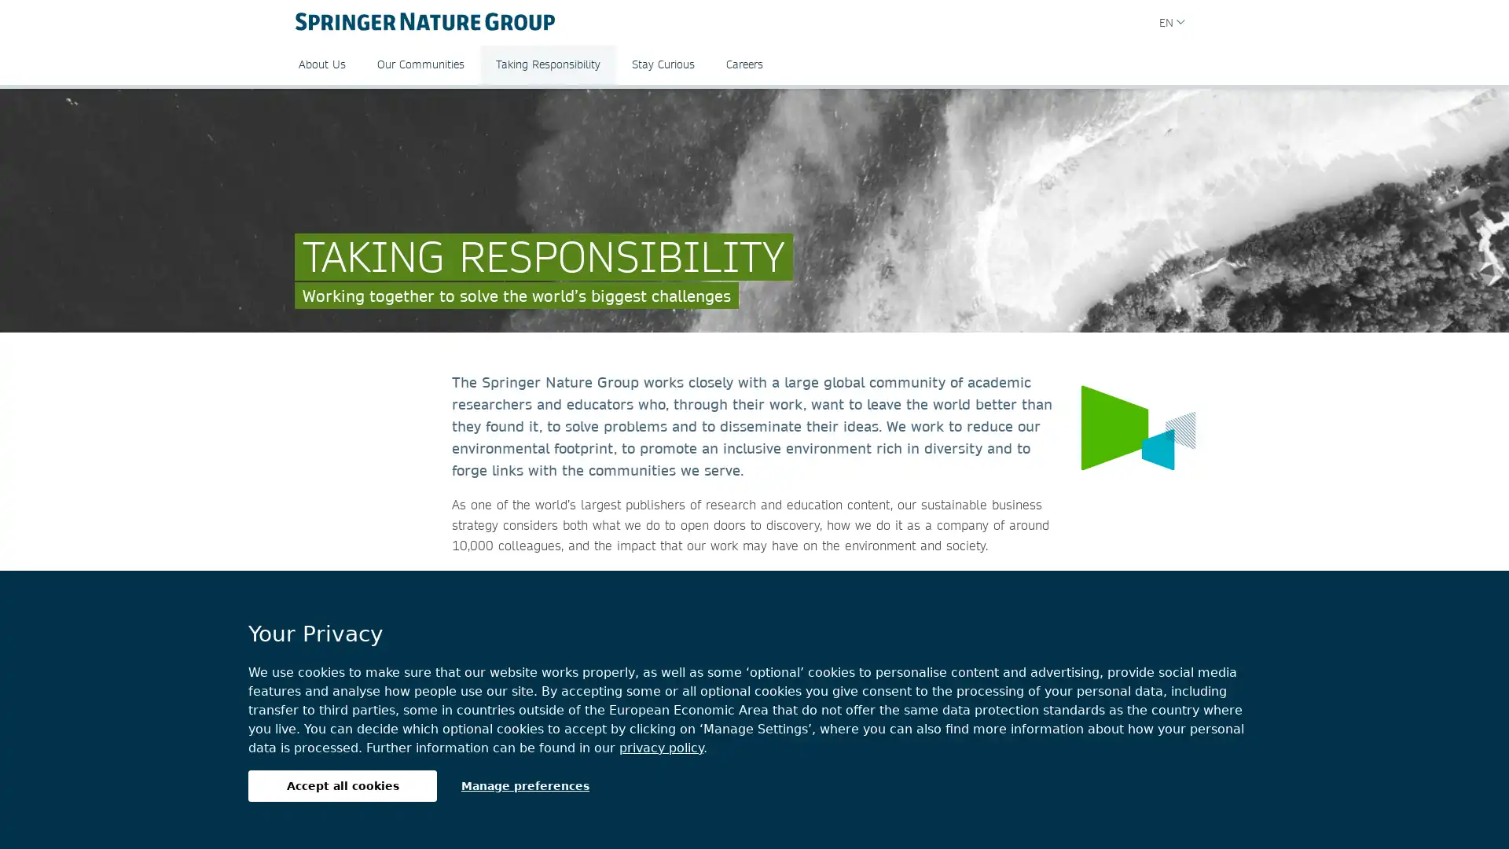 This screenshot has height=849, width=1509. What do you see at coordinates (525, 785) in the screenshot?
I see `Manage preferences` at bounding box center [525, 785].